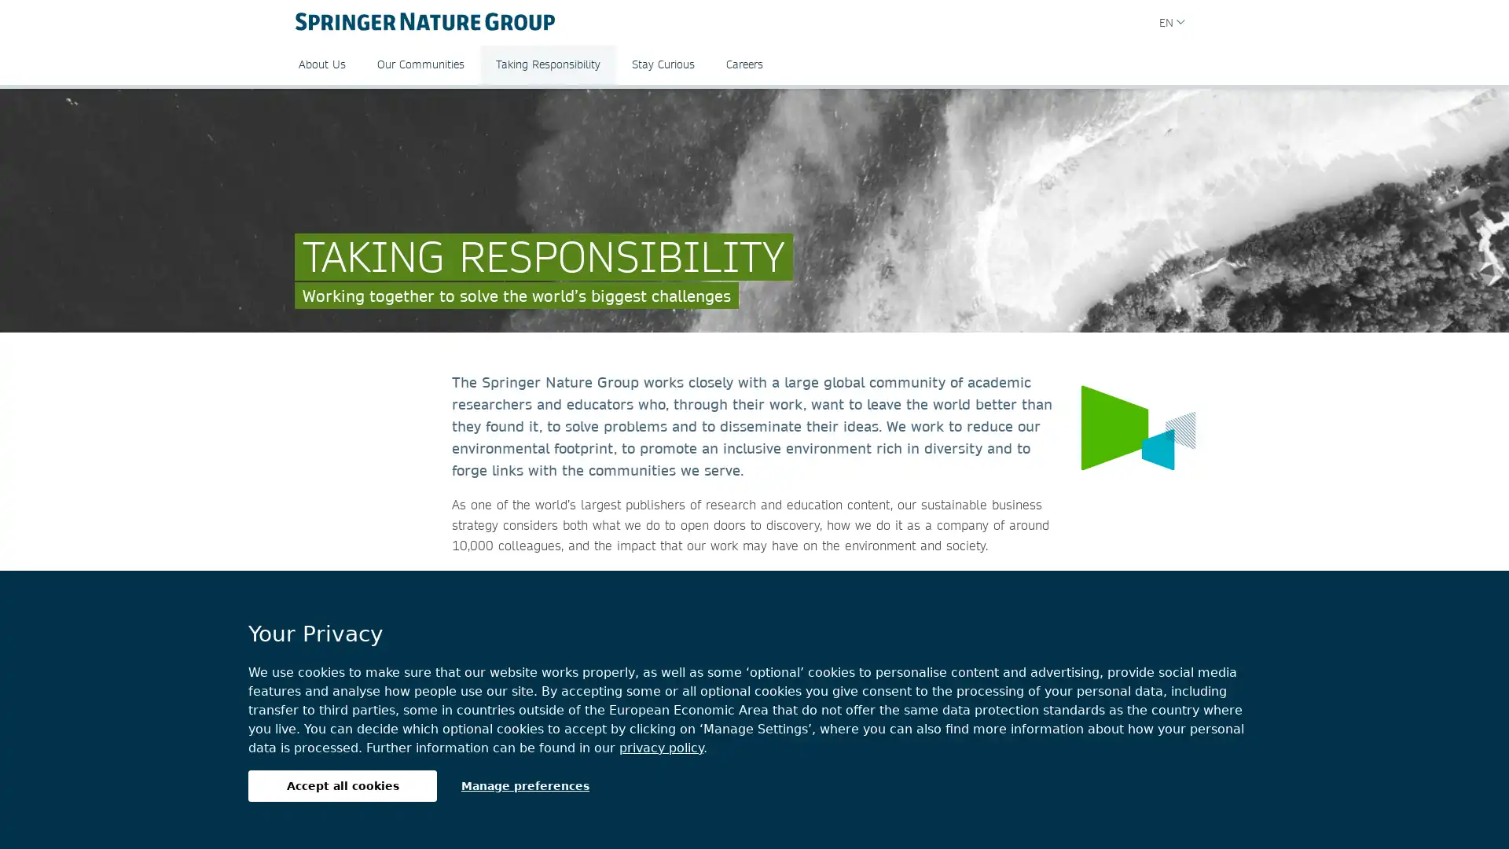 This screenshot has height=849, width=1509. What do you see at coordinates (525, 785) in the screenshot?
I see `Manage preferences` at bounding box center [525, 785].